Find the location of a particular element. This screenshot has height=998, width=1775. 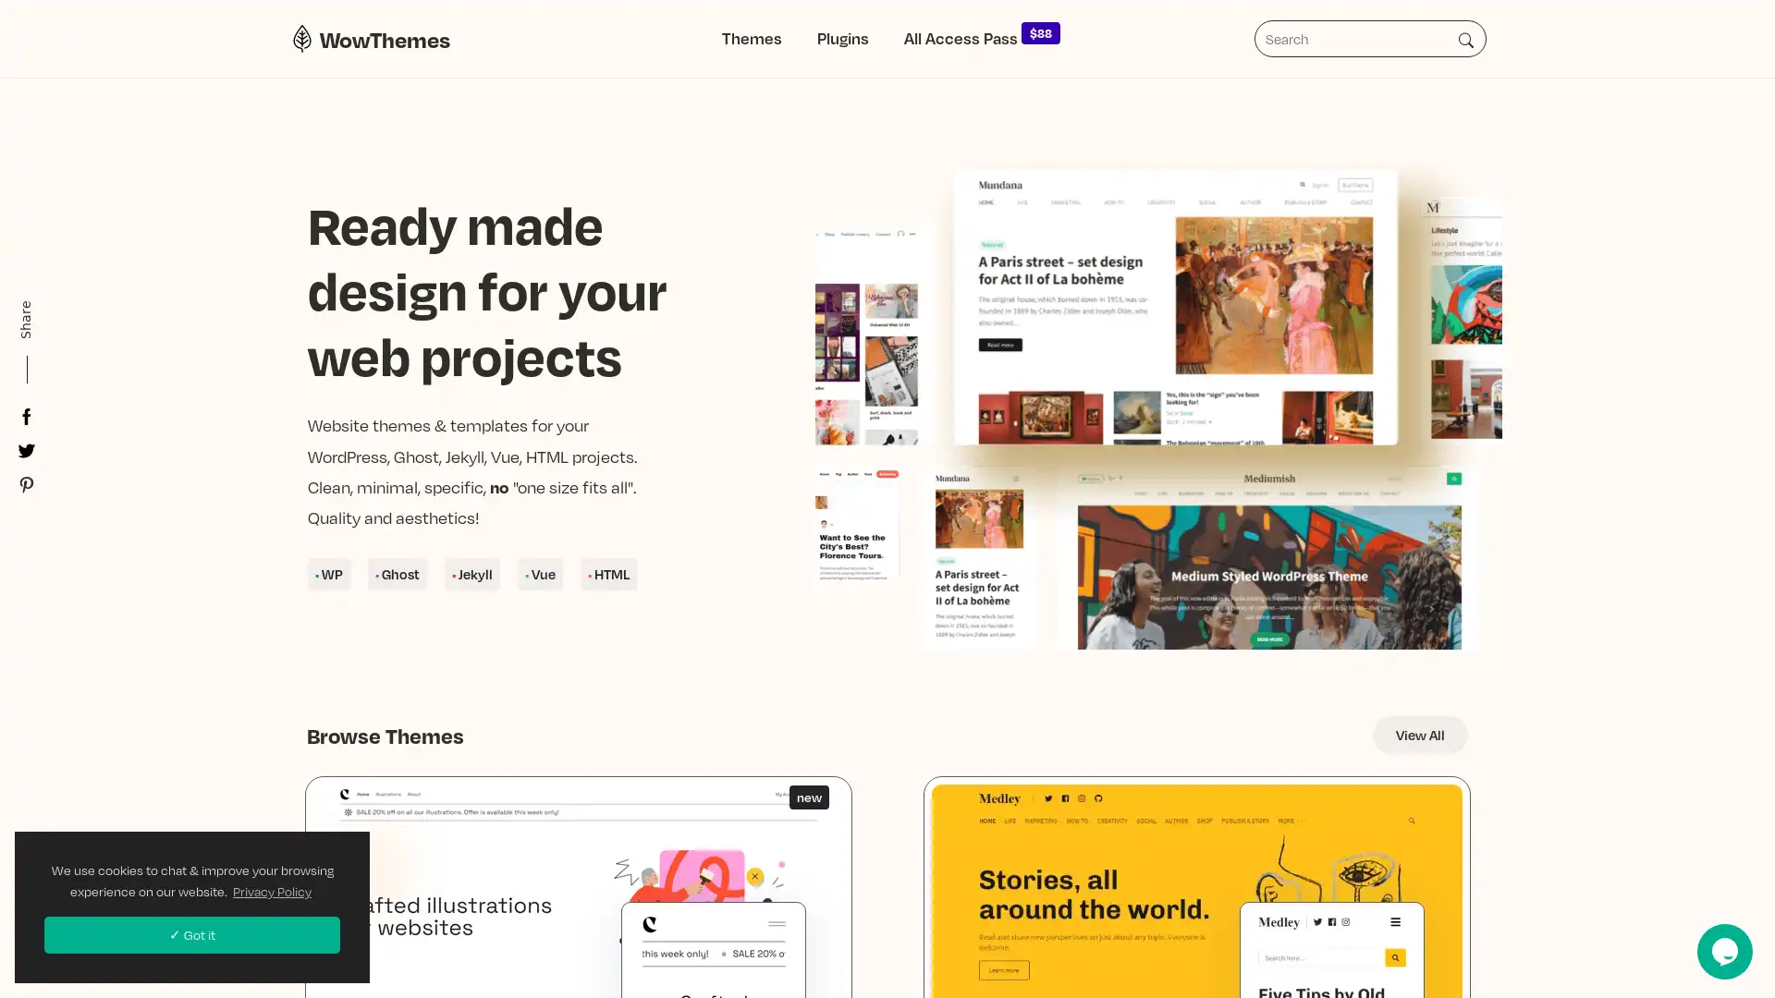

dismiss cookie message is located at coordinates (191, 934).